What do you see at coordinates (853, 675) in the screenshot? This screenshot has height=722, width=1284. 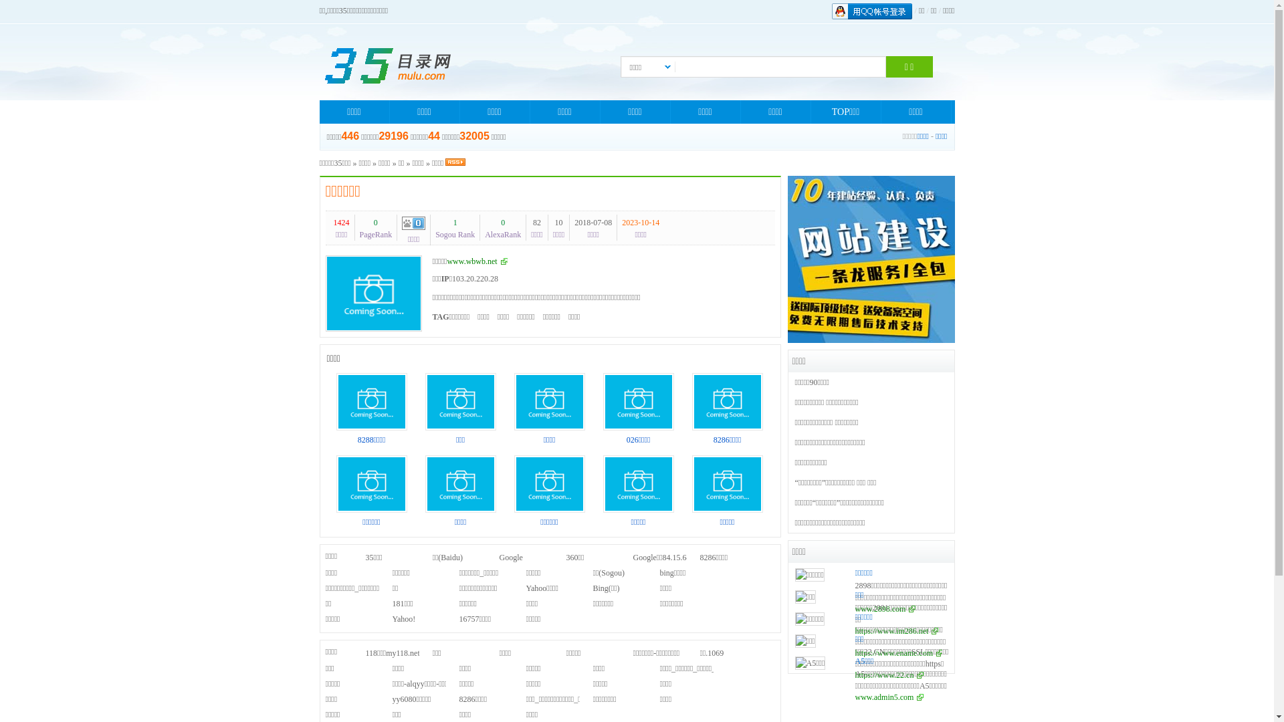 I see `'https://www.22.cn'` at bounding box center [853, 675].